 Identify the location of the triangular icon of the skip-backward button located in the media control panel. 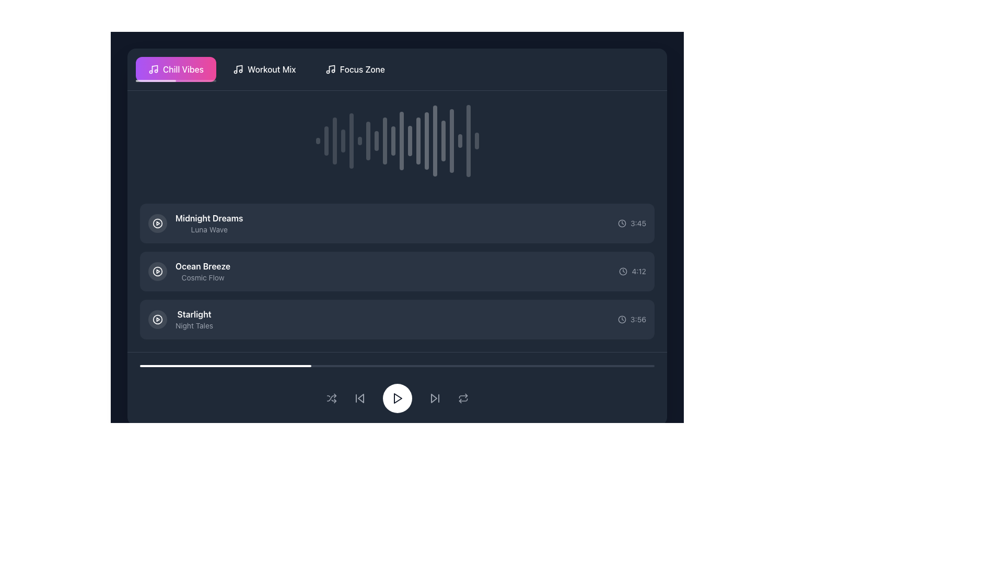
(360, 398).